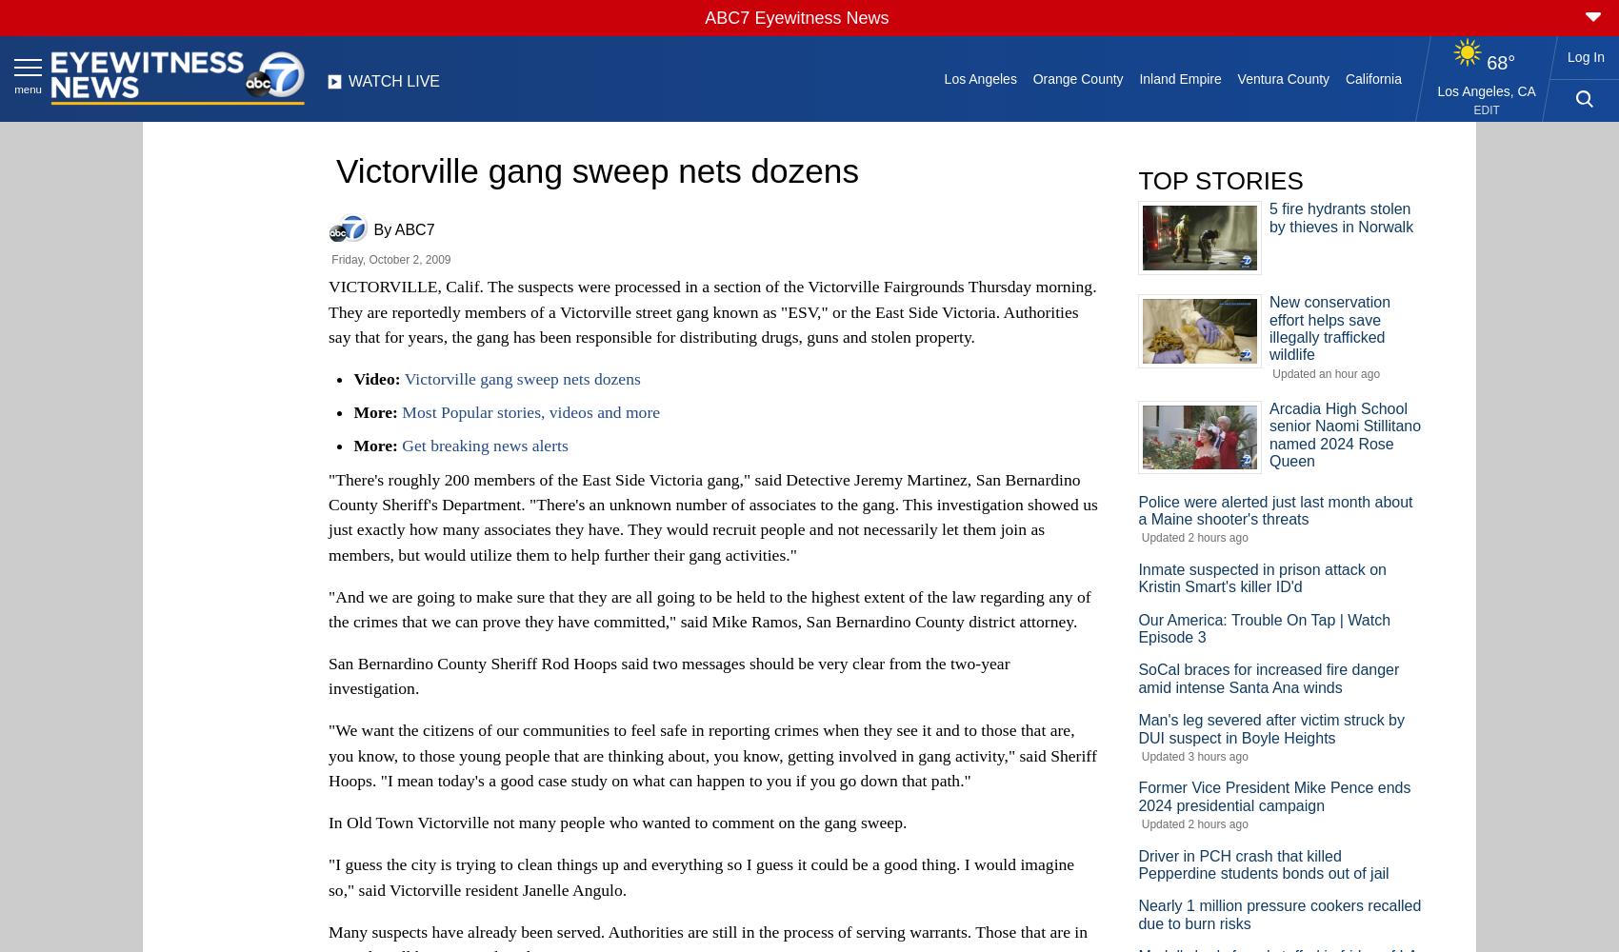  What do you see at coordinates (1192, 756) in the screenshot?
I see `'Updated 3 hours ago'` at bounding box center [1192, 756].